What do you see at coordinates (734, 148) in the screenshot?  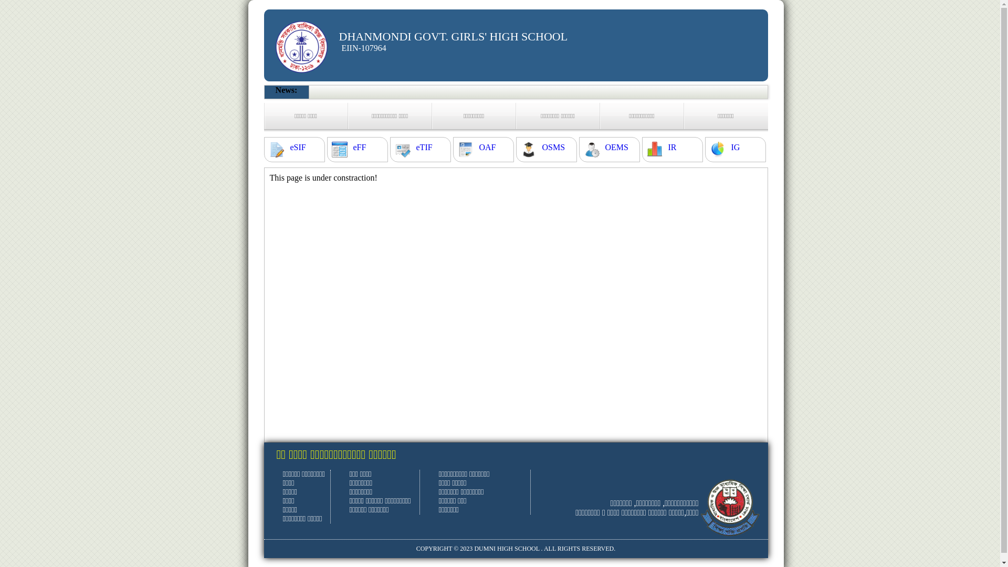 I see `'IG'` at bounding box center [734, 148].